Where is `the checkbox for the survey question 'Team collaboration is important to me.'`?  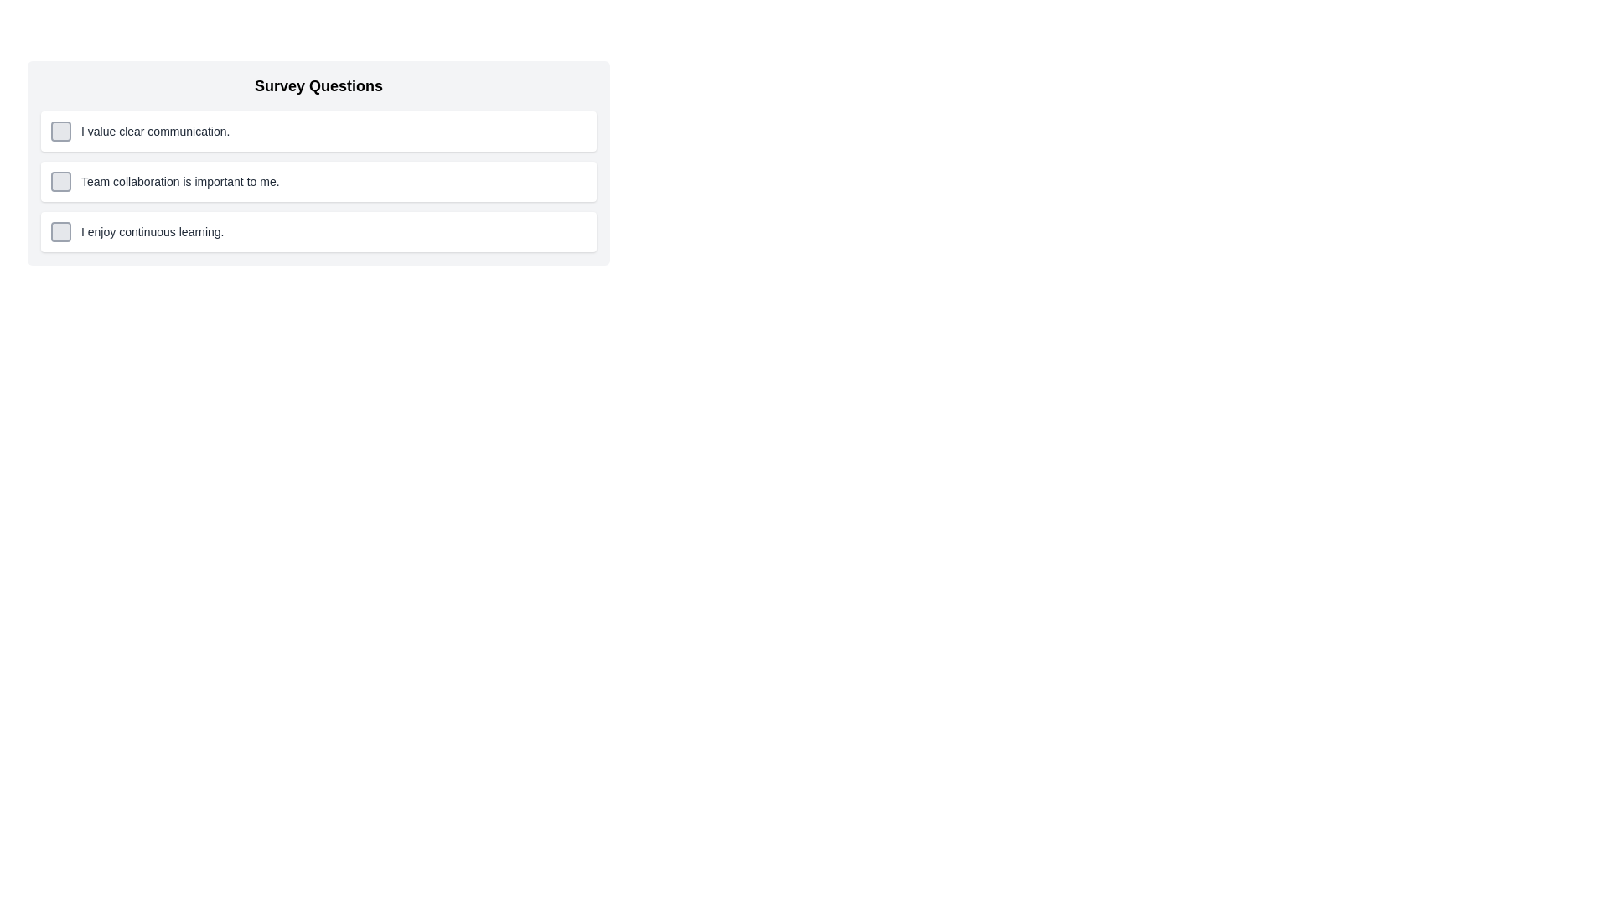
the checkbox for the survey question 'Team collaboration is important to me.' is located at coordinates (60, 181).